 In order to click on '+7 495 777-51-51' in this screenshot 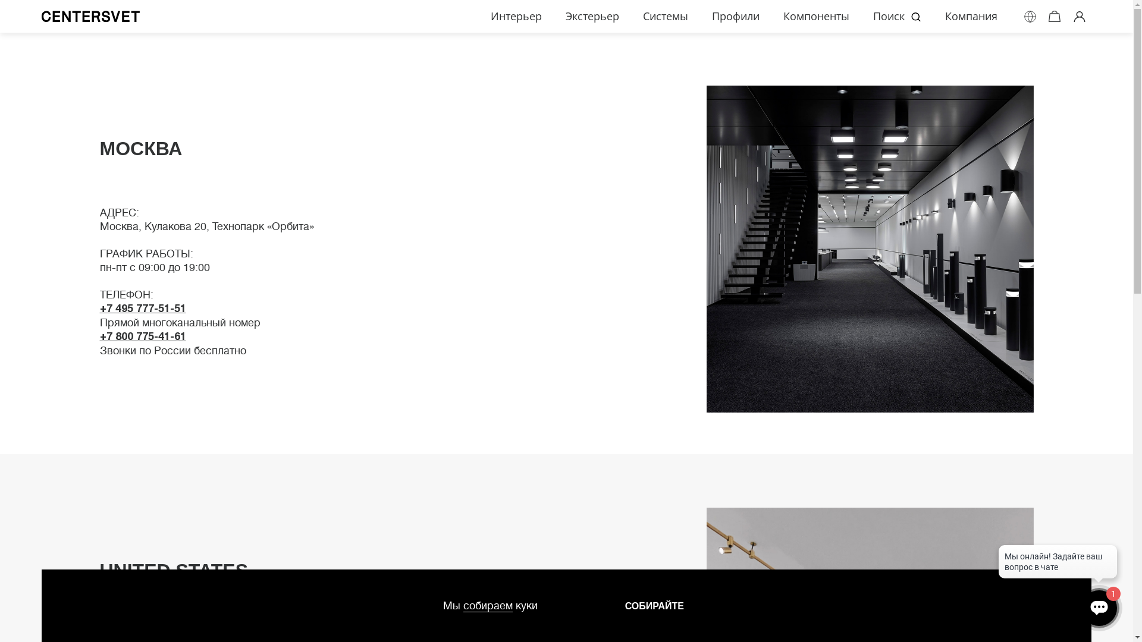, I will do `click(100, 307)`.